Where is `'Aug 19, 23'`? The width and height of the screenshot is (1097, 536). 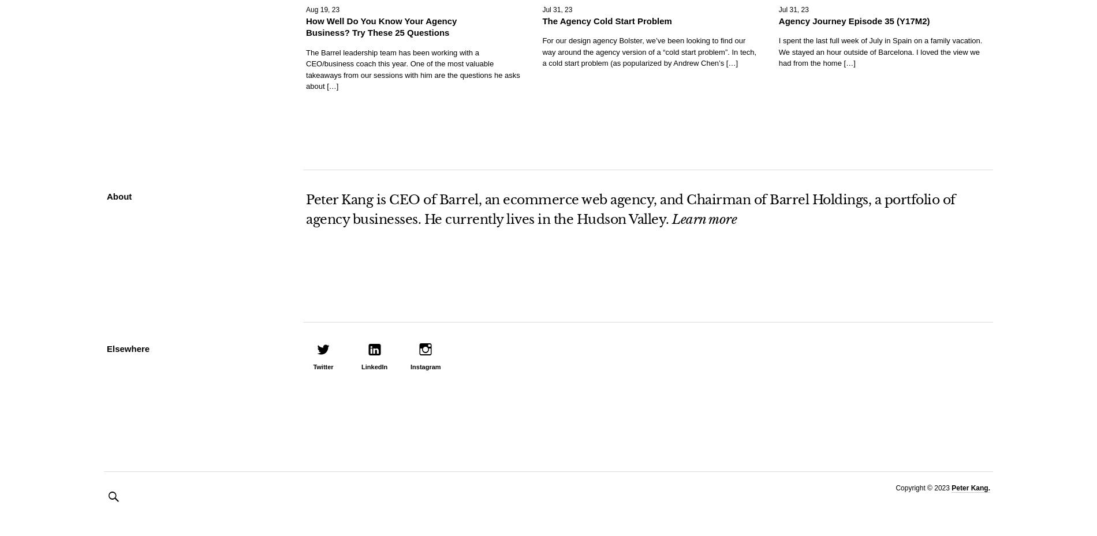
'Aug 19, 23' is located at coordinates (322, 9).